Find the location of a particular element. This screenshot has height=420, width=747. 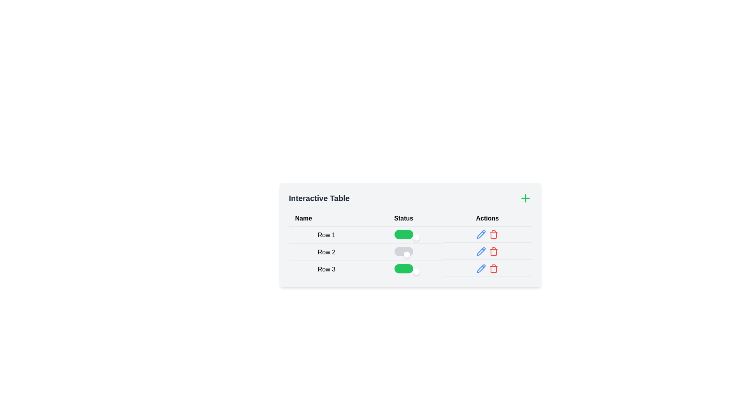

on the toggle switch component located in the third row under the 'Status' column, which has a green background and a circular handle on the right is located at coordinates (403, 269).